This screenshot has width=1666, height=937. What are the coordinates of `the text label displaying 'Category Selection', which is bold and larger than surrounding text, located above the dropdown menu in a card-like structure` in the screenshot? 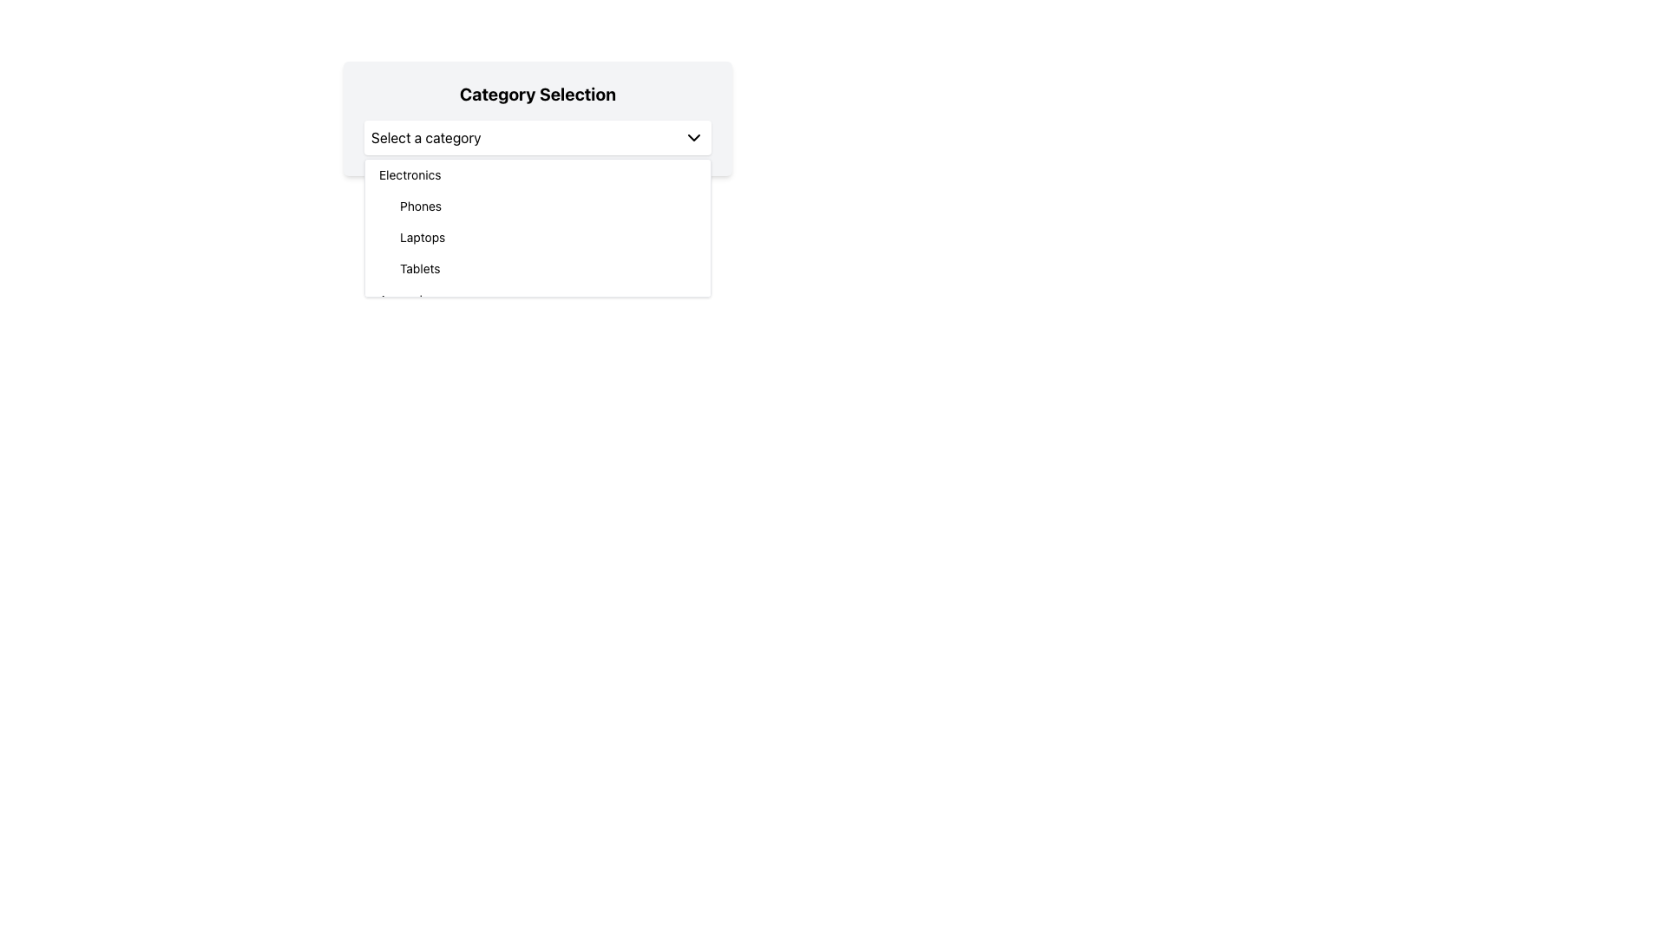 It's located at (536, 94).